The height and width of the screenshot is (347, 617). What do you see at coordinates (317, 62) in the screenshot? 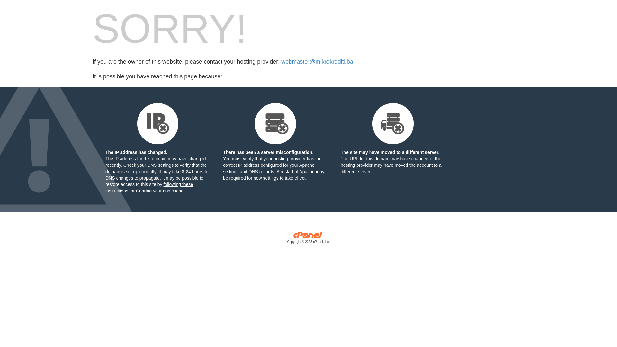
I see `'webmaster@mikrokrediti.ba'` at bounding box center [317, 62].